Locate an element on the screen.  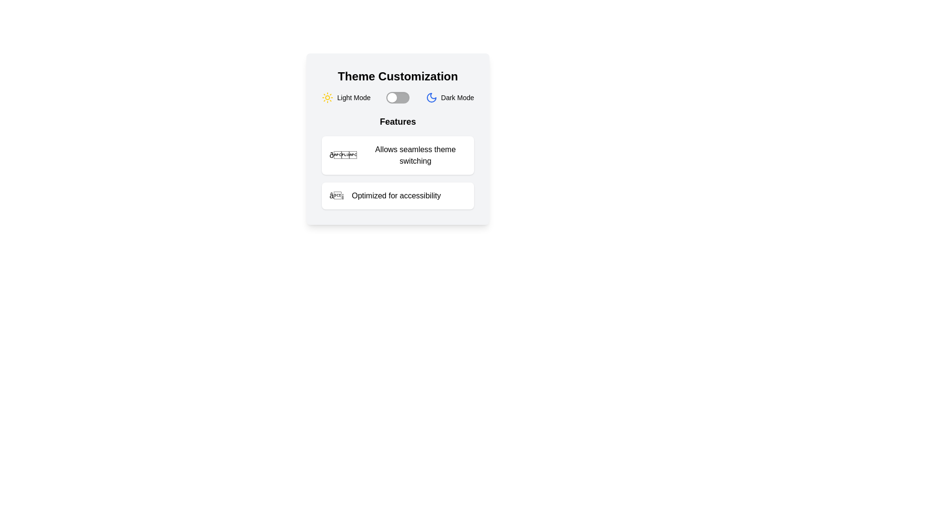
the Toggle Switch in the 'Theme Customization' section is located at coordinates (397, 98).